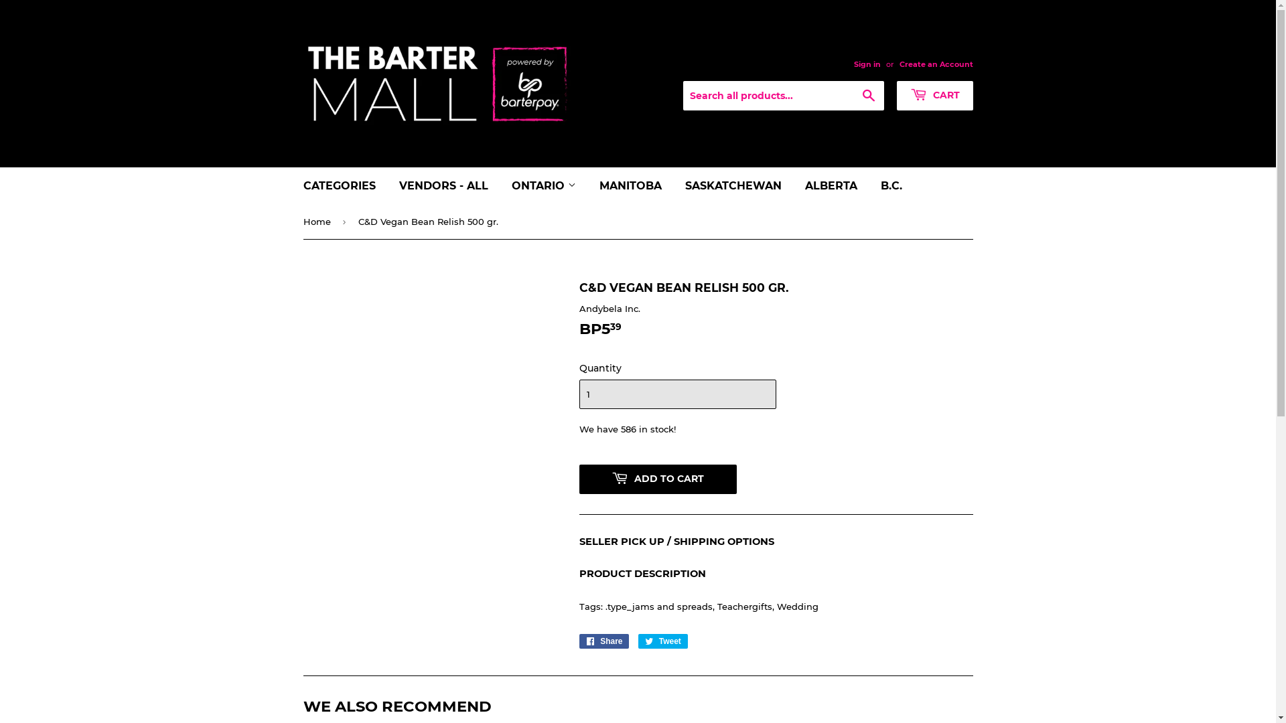  Describe the element at coordinates (934, 64) in the screenshot. I see `'Create an Account'` at that location.